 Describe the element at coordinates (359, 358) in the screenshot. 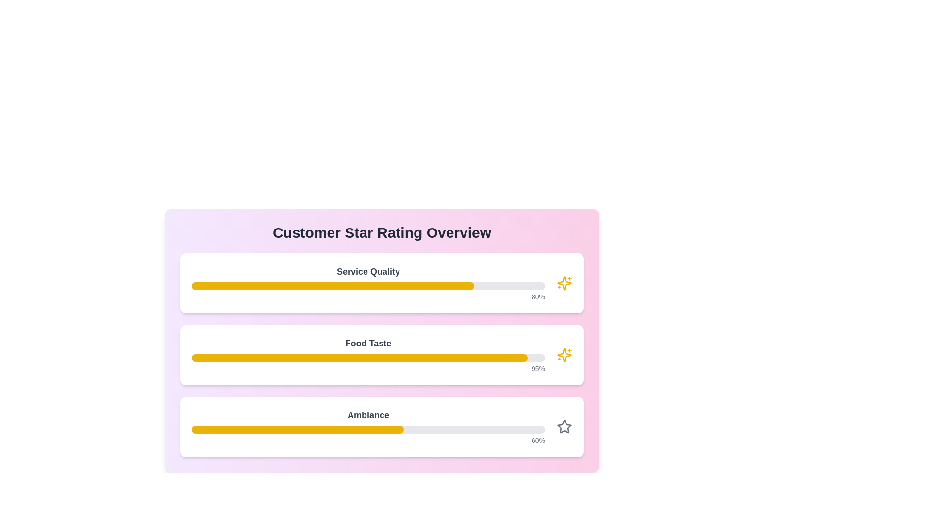

I see `the filled segment of the progress bar representing 95% completion for 'Food Taste'` at that location.